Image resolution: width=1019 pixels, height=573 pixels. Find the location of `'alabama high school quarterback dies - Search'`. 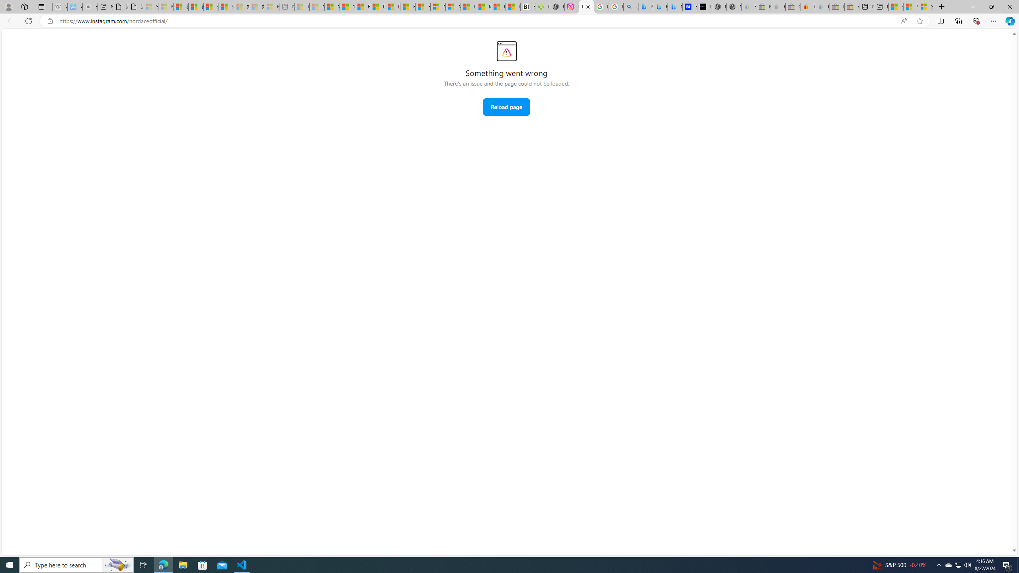

'alabama high school quarterback dies - Search' is located at coordinates (631, 6).